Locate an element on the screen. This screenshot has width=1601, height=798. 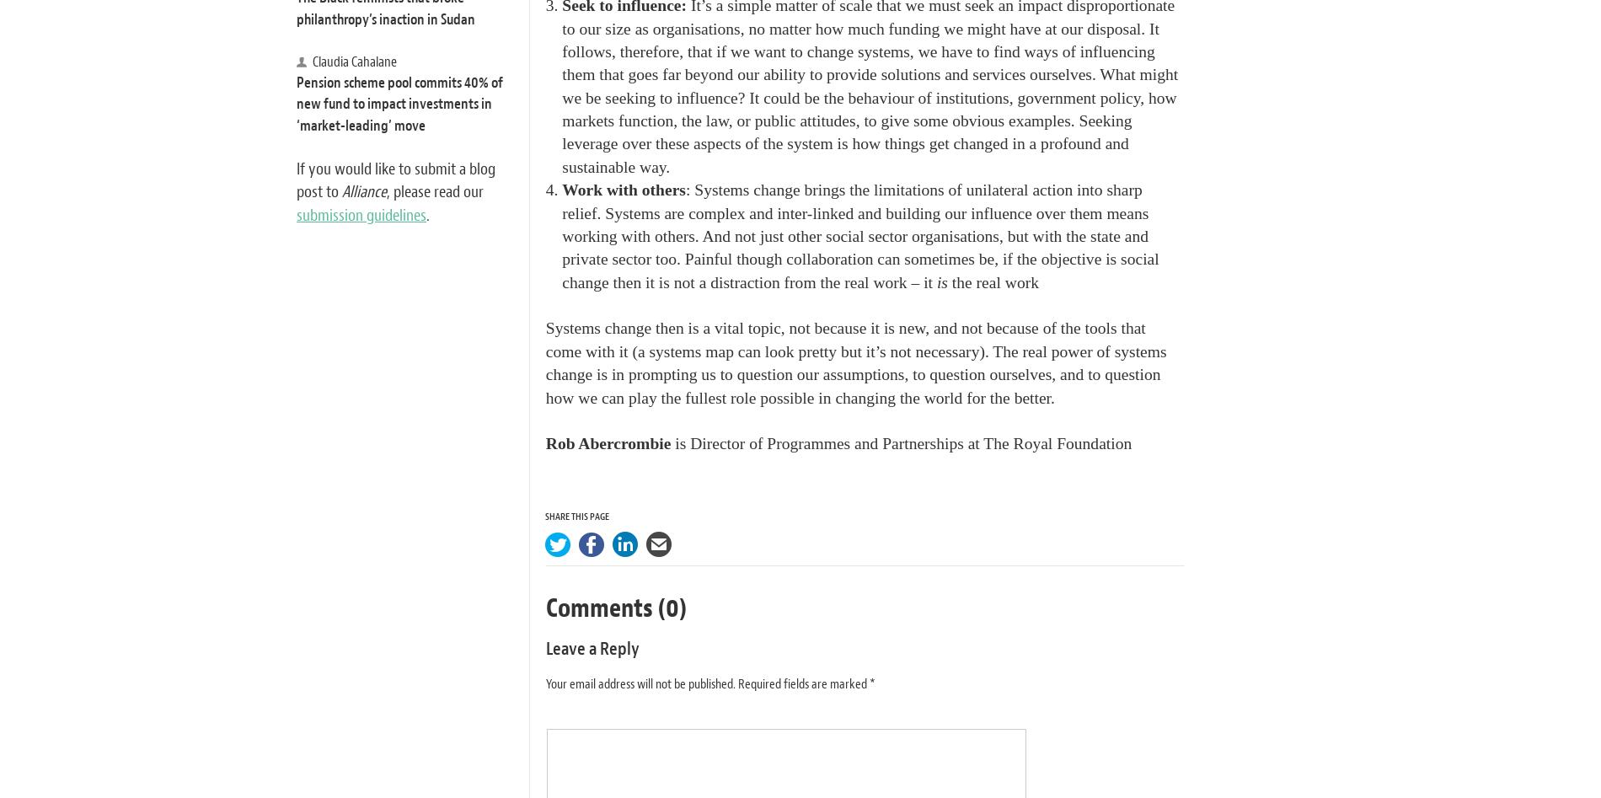
'.' is located at coordinates (428, 214).